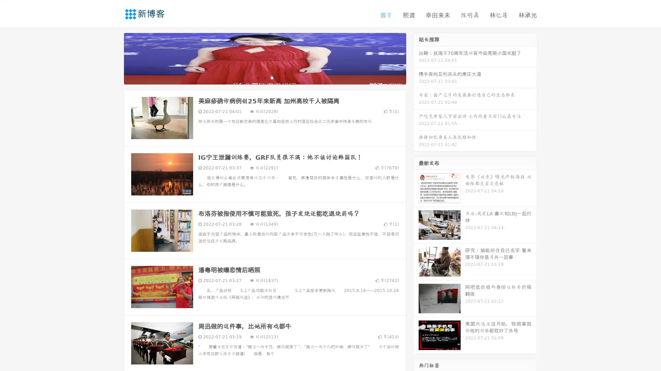 The height and width of the screenshot is (371, 661). What do you see at coordinates (416, 58) in the screenshot?
I see `Next slide` at bounding box center [416, 58].